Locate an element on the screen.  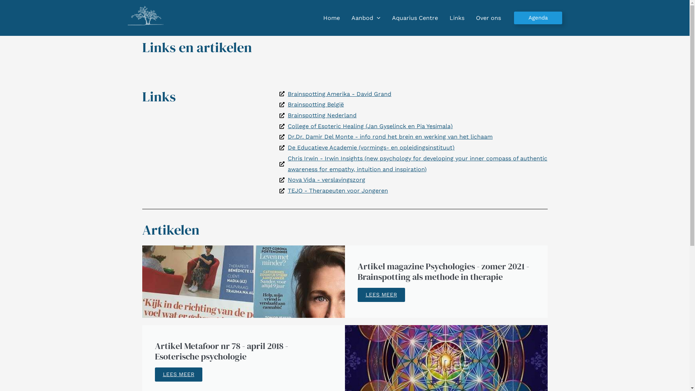
'Agenda' is located at coordinates (538, 17).